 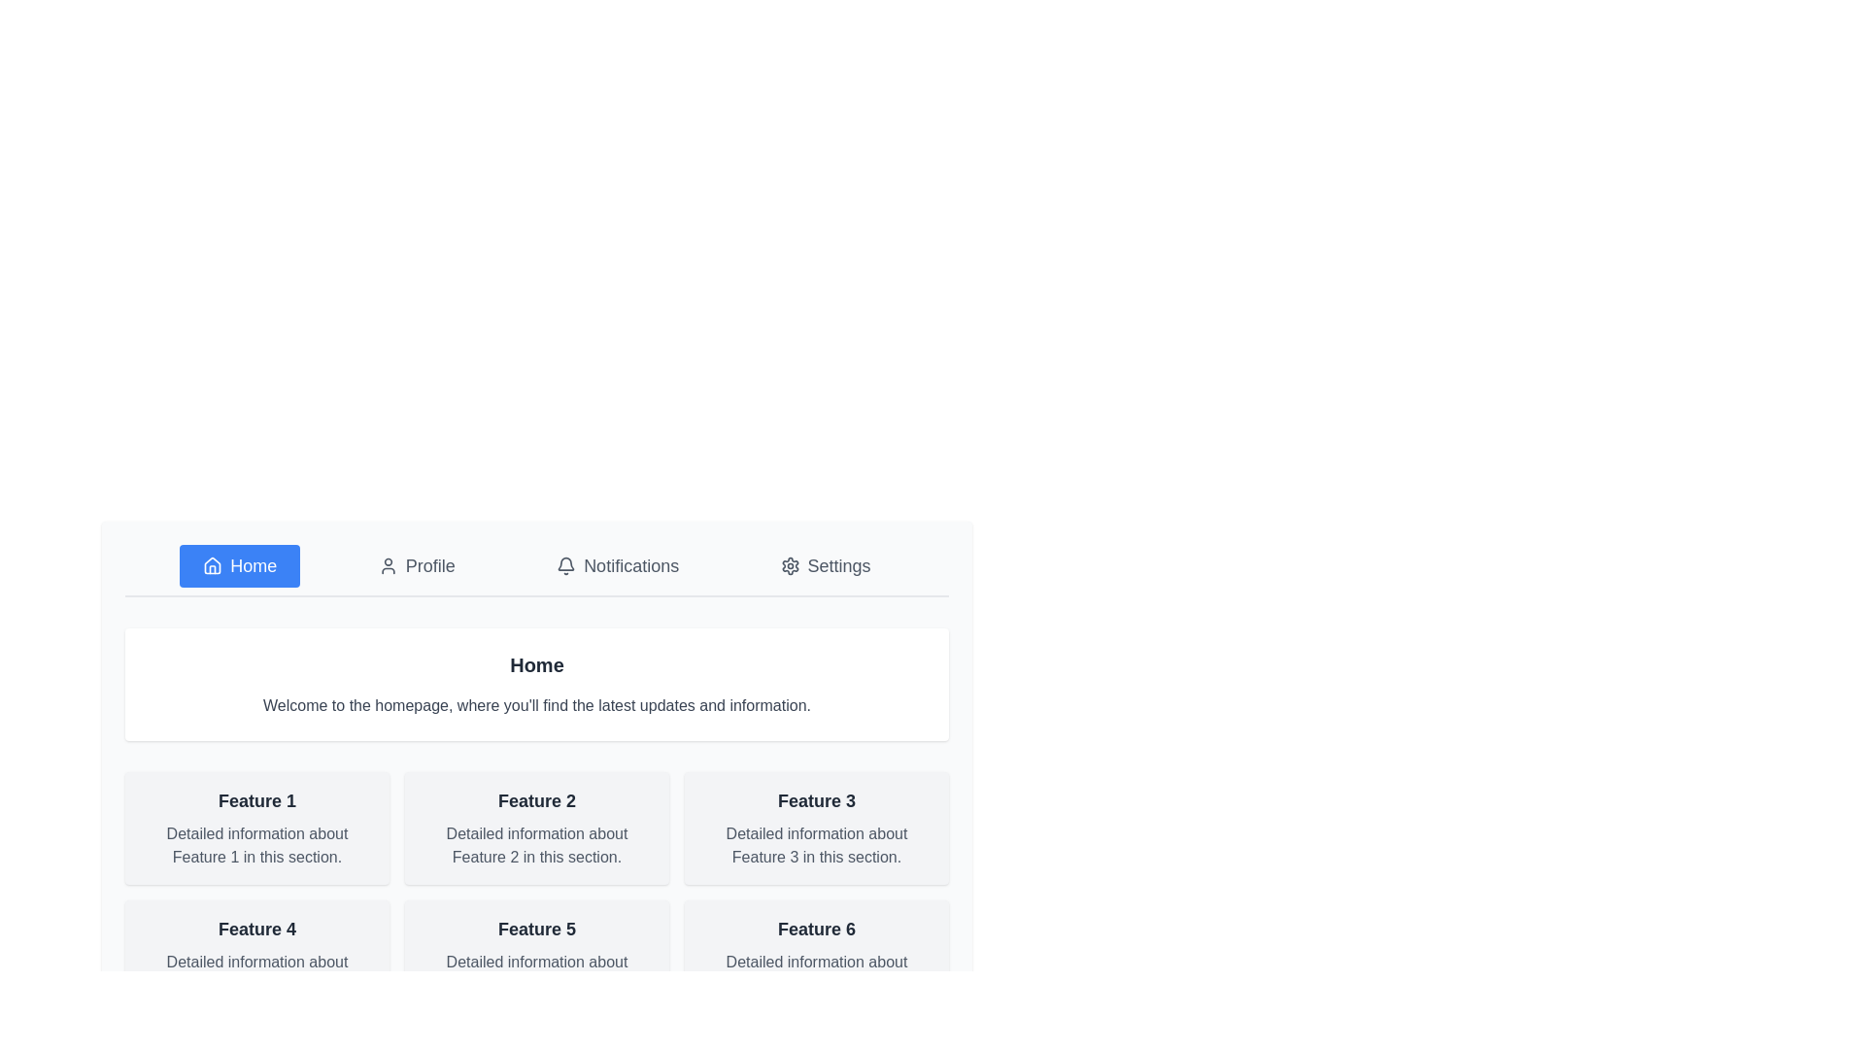 I want to click on the user profile icon in the menu bar, which is styled in an outlined fashion with a circular head and body shape, indicating its inactive state with gray color, so click(x=388, y=565).